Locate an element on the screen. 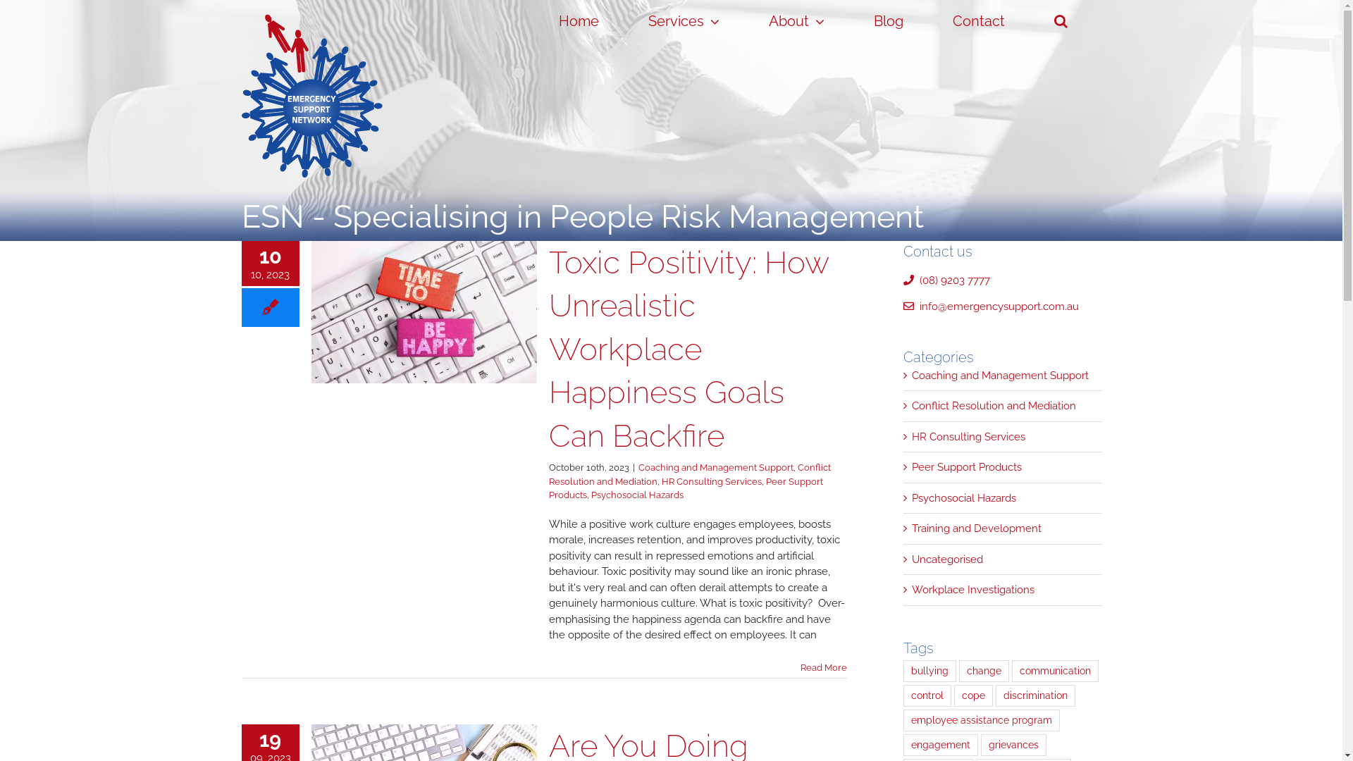 The image size is (1353, 761). 'Contact' is located at coordinates (978, 21).